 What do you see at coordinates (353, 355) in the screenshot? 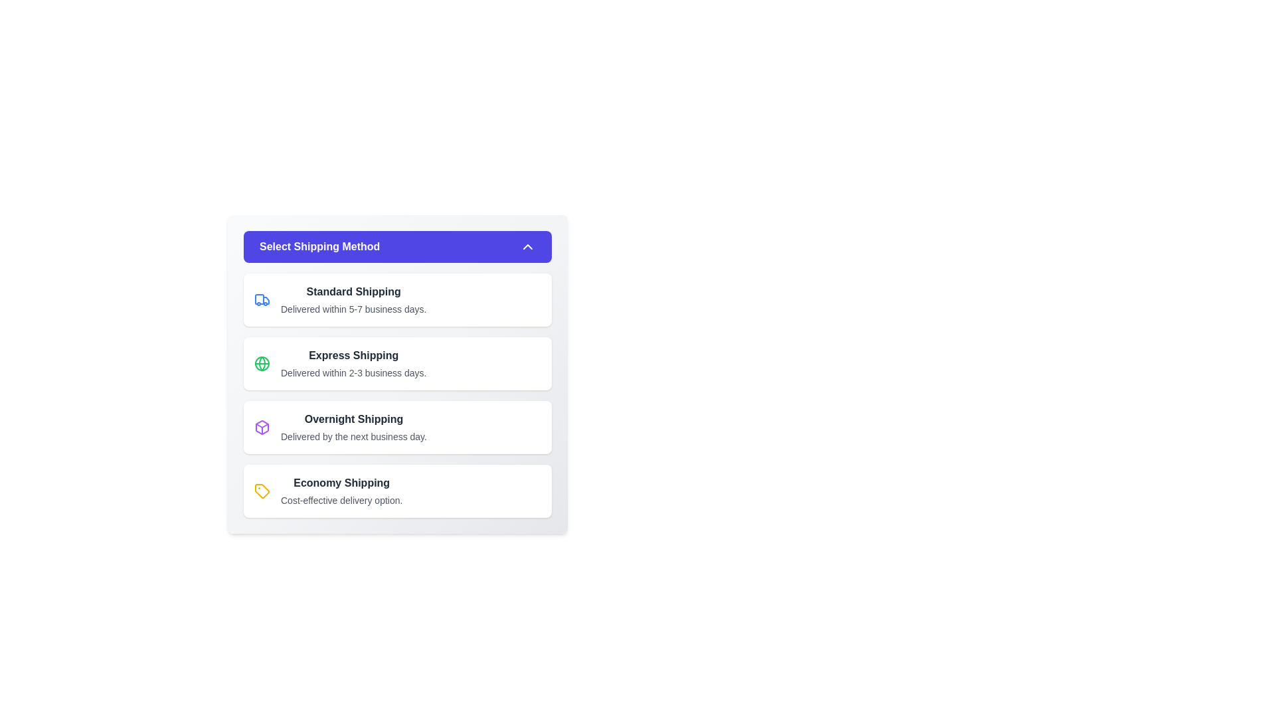
I see `the 'Express Shipping' text label, which serves as the title for the shipping option, located within the shipping method selection area` at bounding box center [353, 355].